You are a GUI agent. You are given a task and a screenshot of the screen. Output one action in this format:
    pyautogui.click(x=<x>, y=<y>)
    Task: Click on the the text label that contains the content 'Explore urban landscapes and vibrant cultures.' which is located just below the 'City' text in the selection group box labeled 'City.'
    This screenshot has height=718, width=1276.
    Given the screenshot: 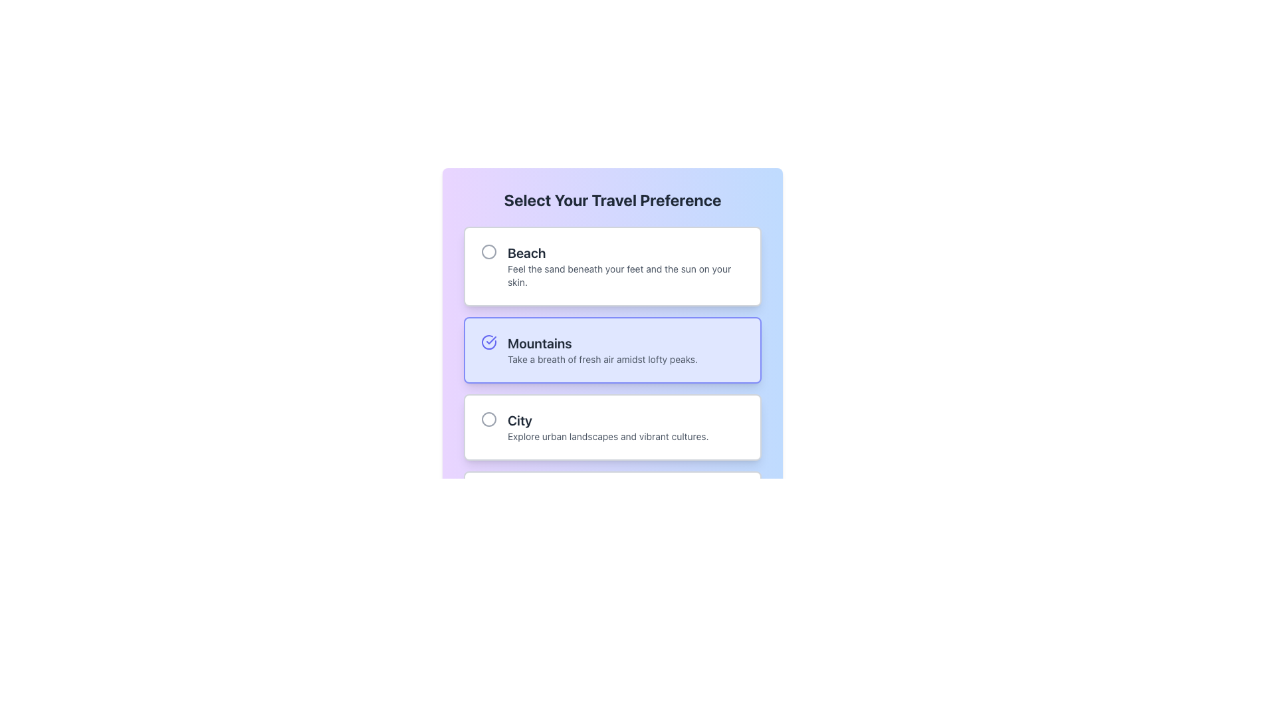 What is the action you would take?
    pyautogui.click(x=607, y=436)
    